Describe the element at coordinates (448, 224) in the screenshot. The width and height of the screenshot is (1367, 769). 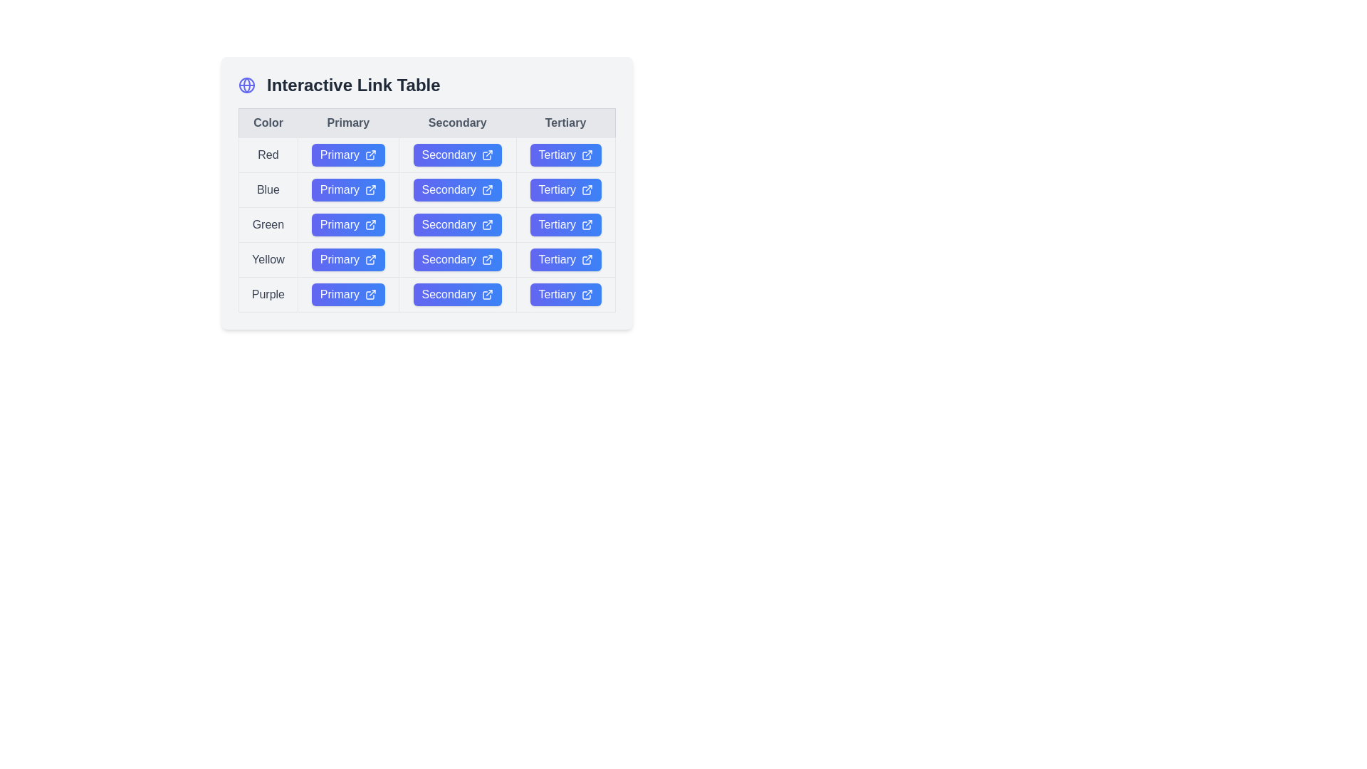
I see `the text label inside the button located in the second column of the third row (Green color) in the table, which indicates a secondary action` at that location.